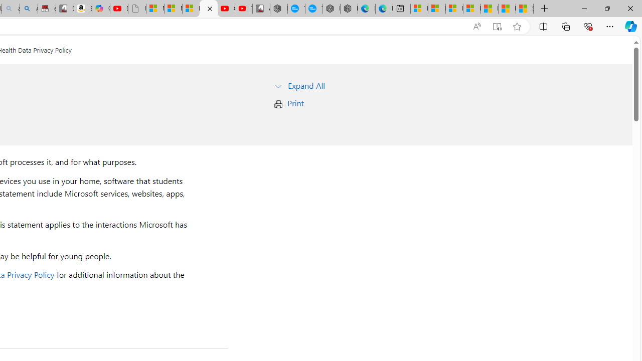 This screenshot has width=642, height=361. Describe the element at coordinates (295, 103) in the screenshot. I see `'Print'` at that location.